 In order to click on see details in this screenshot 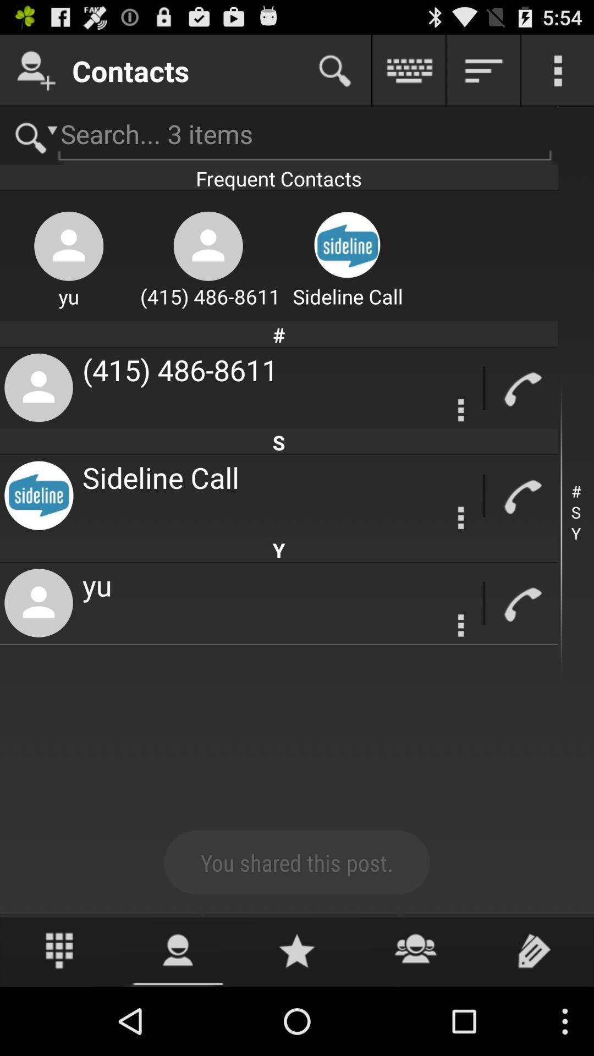, I will do `click(461, 517)`.